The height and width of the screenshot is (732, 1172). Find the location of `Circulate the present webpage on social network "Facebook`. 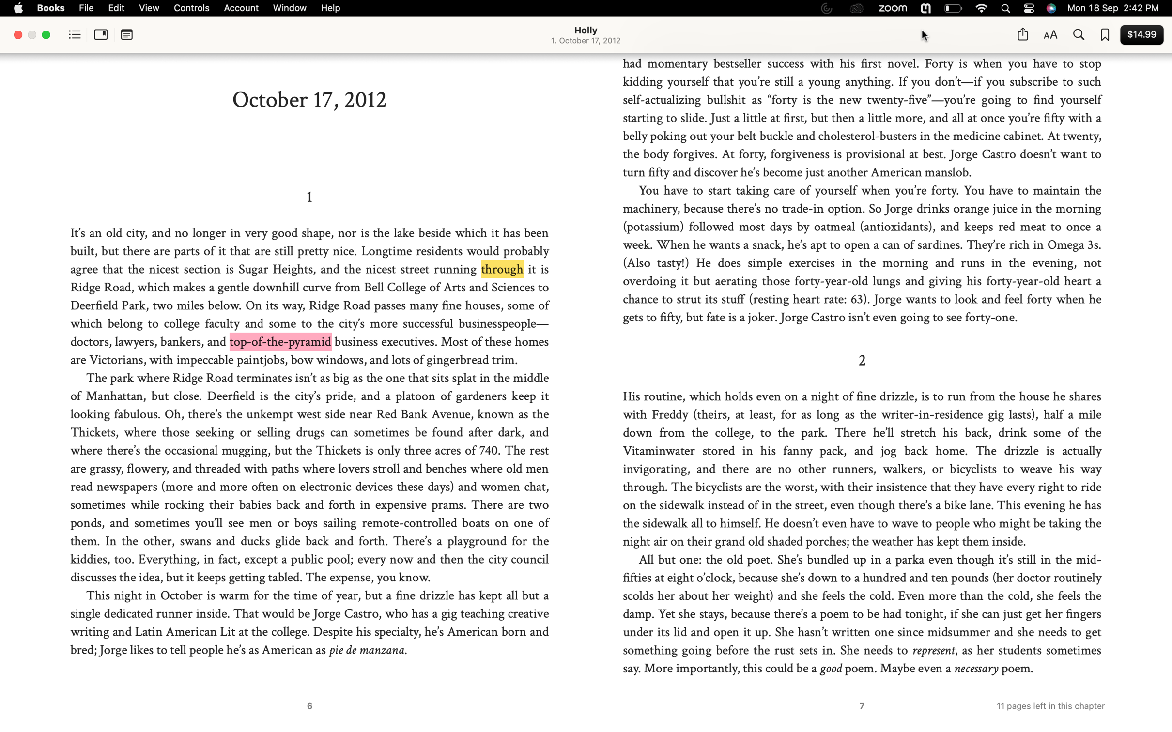

Circulate the present webpage on social network "Facebook is located at coordinates (1022, 34).